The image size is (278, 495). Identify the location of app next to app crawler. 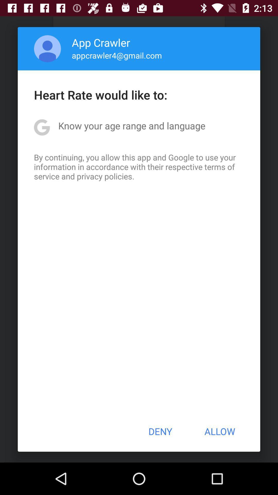
(47, 48).